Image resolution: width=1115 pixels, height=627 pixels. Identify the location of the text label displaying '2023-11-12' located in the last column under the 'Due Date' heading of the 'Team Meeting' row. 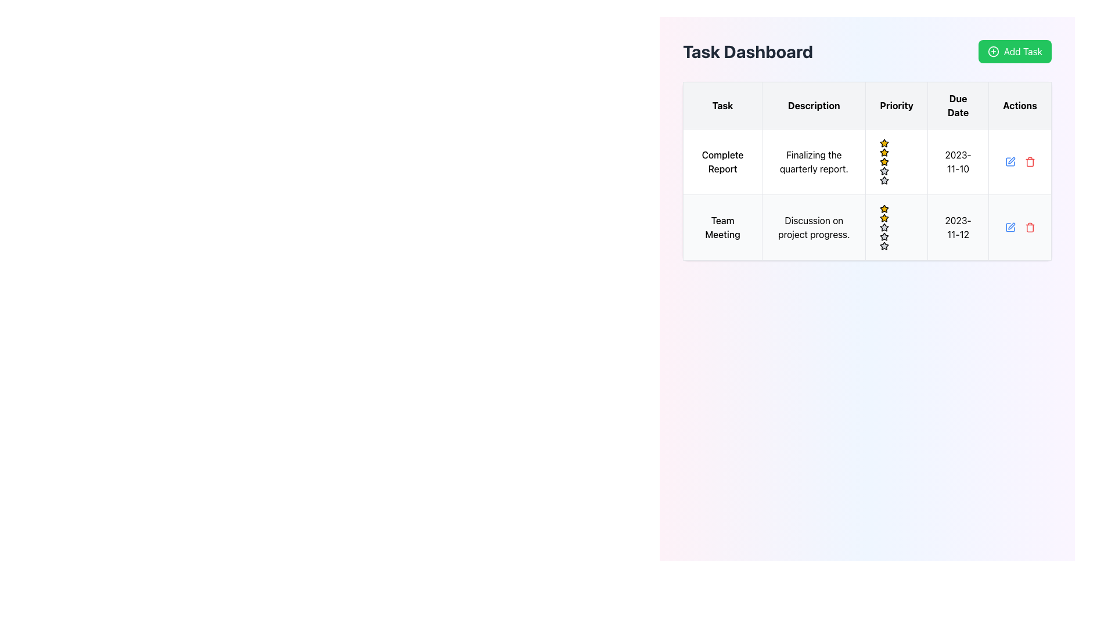
(958, 228).